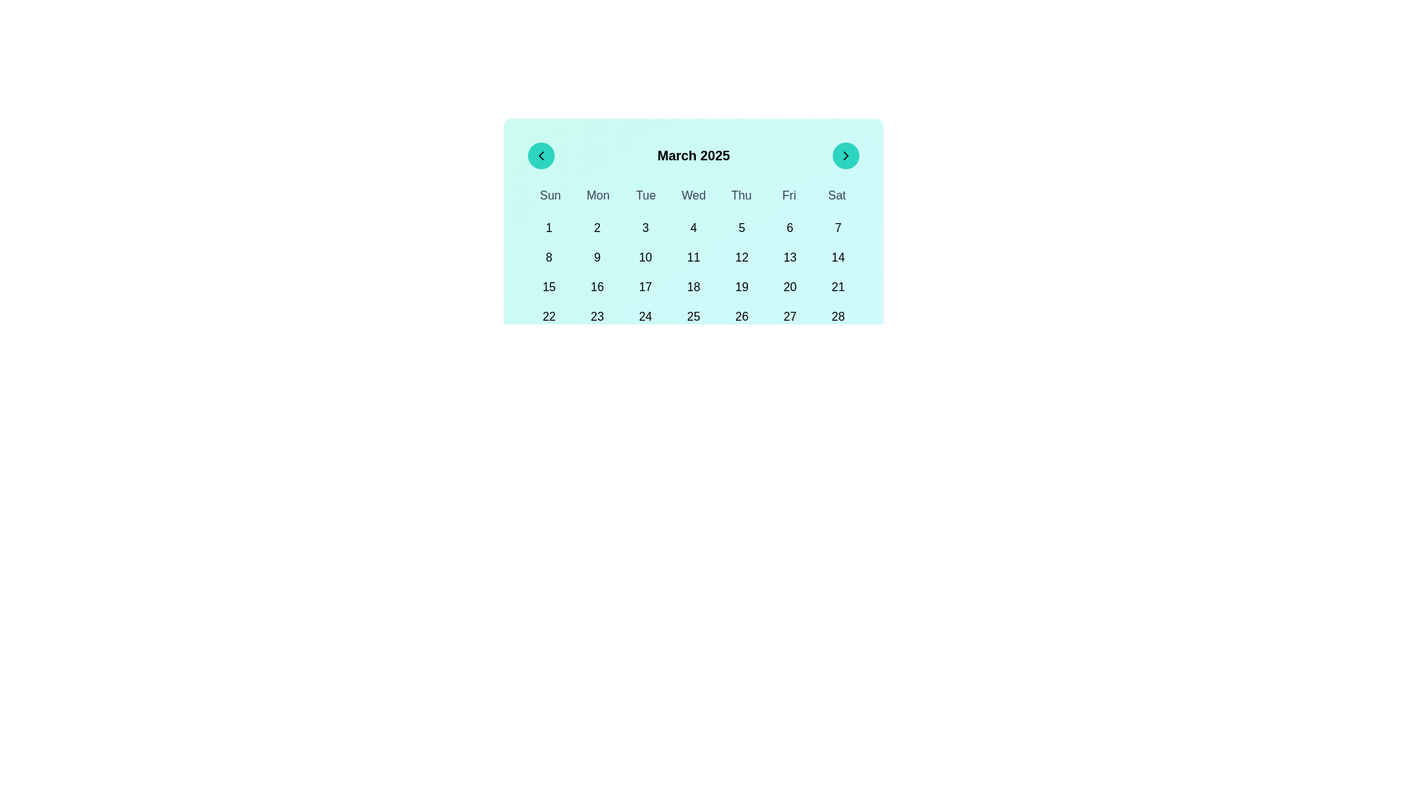  I want to click on the left arrow SVG icon for keyboard interaction, so click(540, 156).